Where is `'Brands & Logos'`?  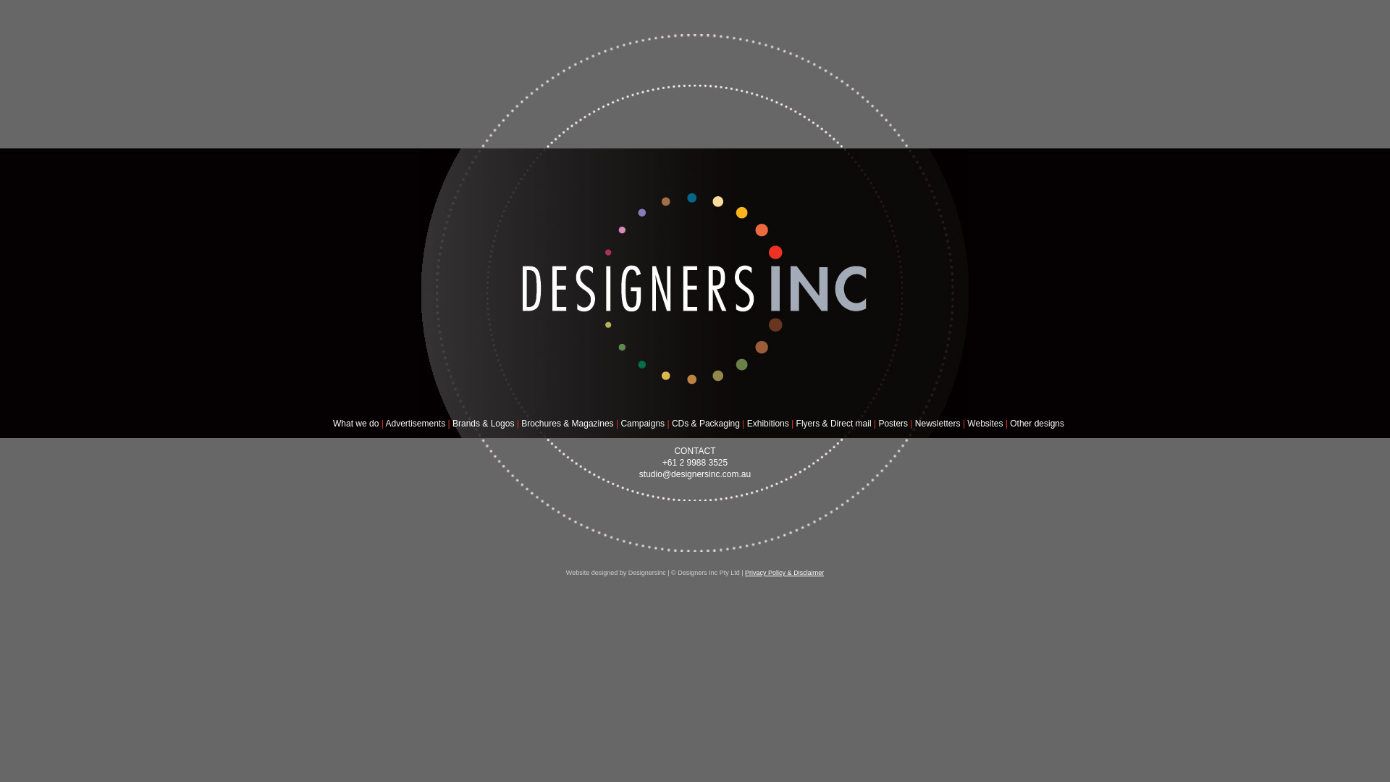
'Brands & Logos' is located at coordinates (483, 424).